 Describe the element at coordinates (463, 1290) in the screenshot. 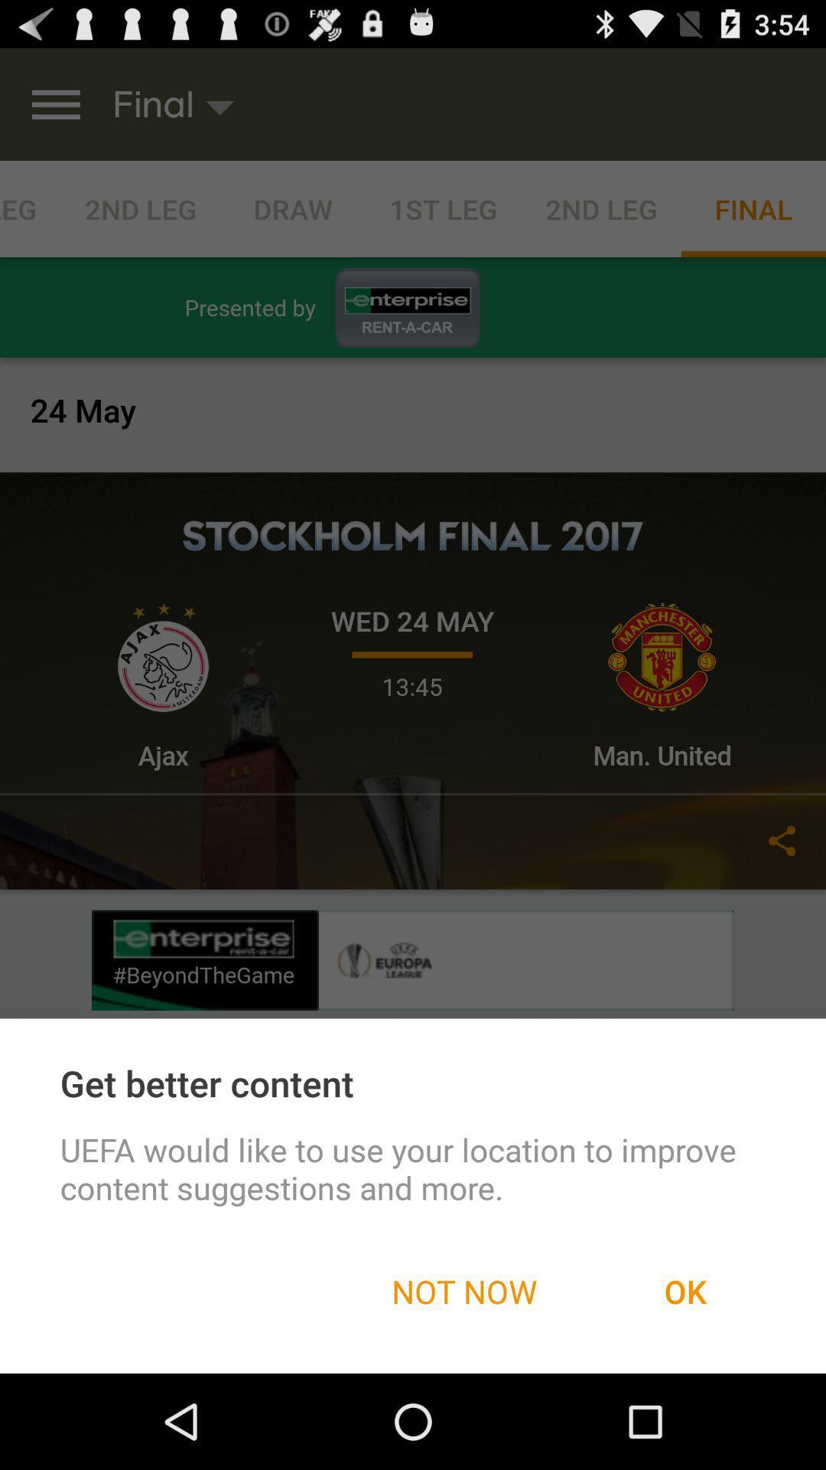

I see `item next to the ok icon` at that location.